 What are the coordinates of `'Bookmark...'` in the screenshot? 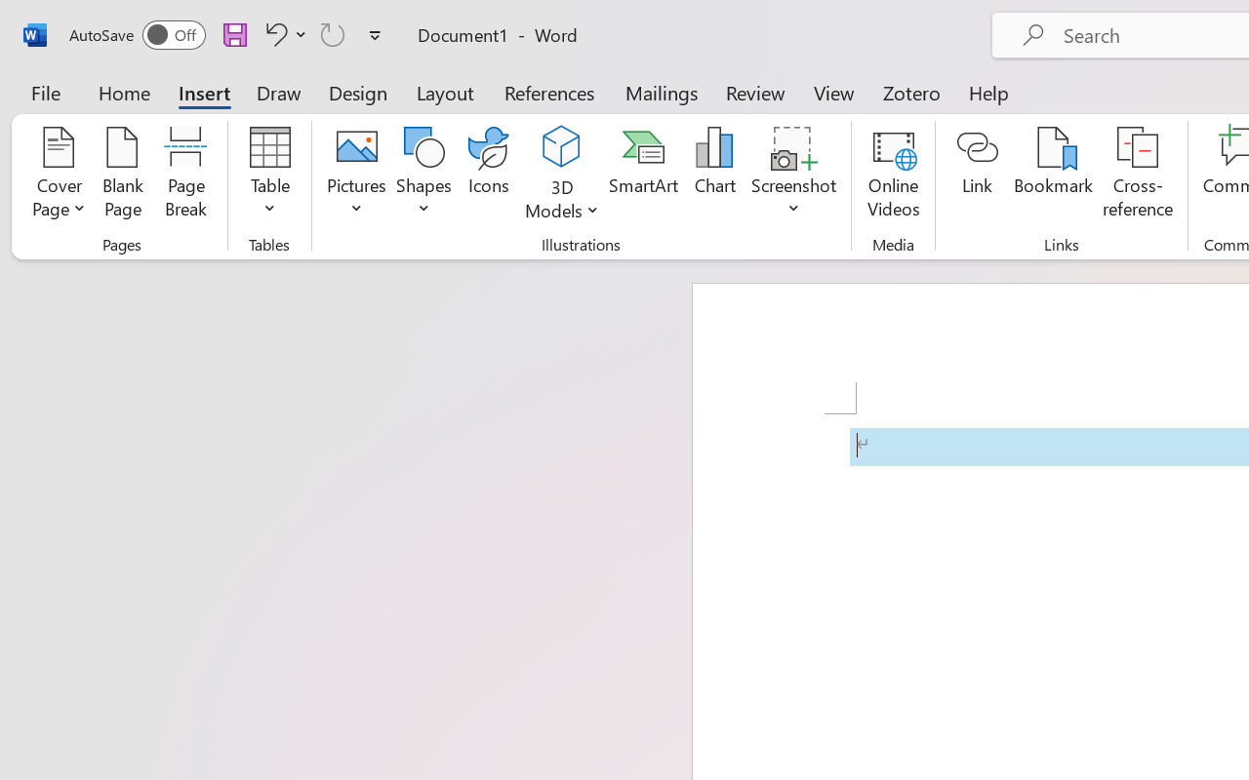 It's located at (1052, 175).